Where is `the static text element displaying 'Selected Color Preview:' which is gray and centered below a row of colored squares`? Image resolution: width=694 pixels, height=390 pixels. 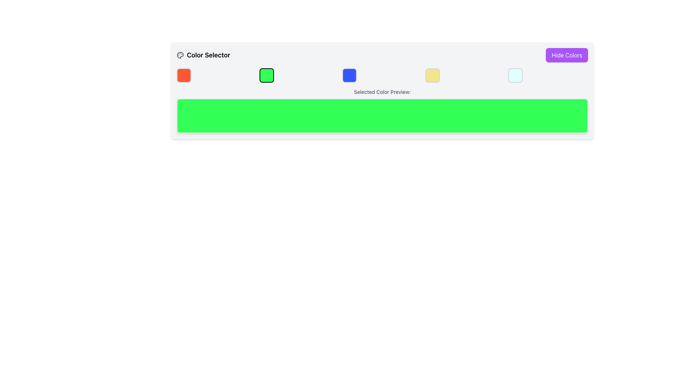 the static text element displaying 'Selected Color Preview:' which is gray and centered below a row of colored squares is located at coordinates (382, 93).